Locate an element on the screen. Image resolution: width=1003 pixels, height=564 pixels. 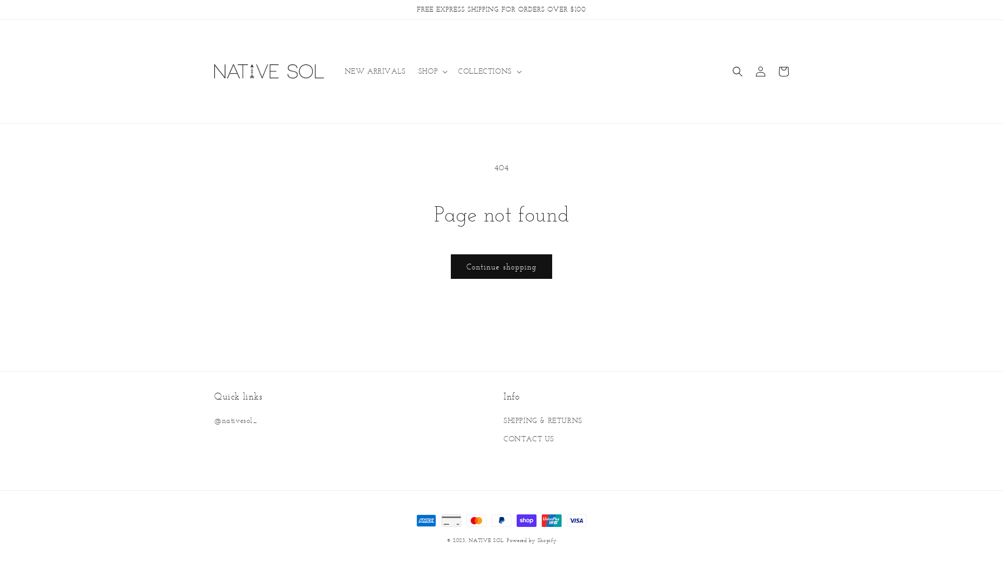
'NATIVE SOL' is located at coordinates (486, 540).